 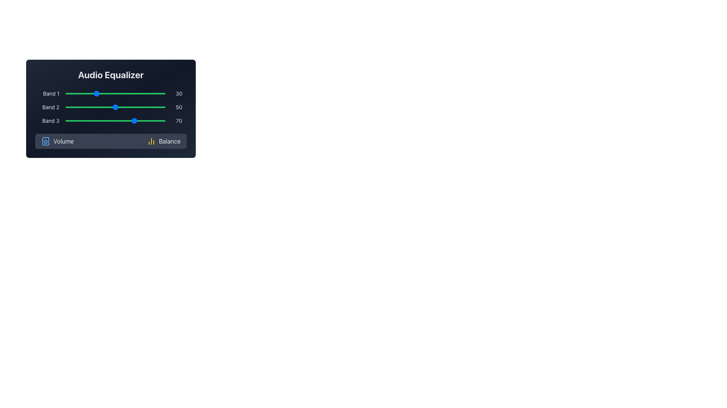 I want to click on the slider labeled 'Band 1', so click(x=74, y=93).